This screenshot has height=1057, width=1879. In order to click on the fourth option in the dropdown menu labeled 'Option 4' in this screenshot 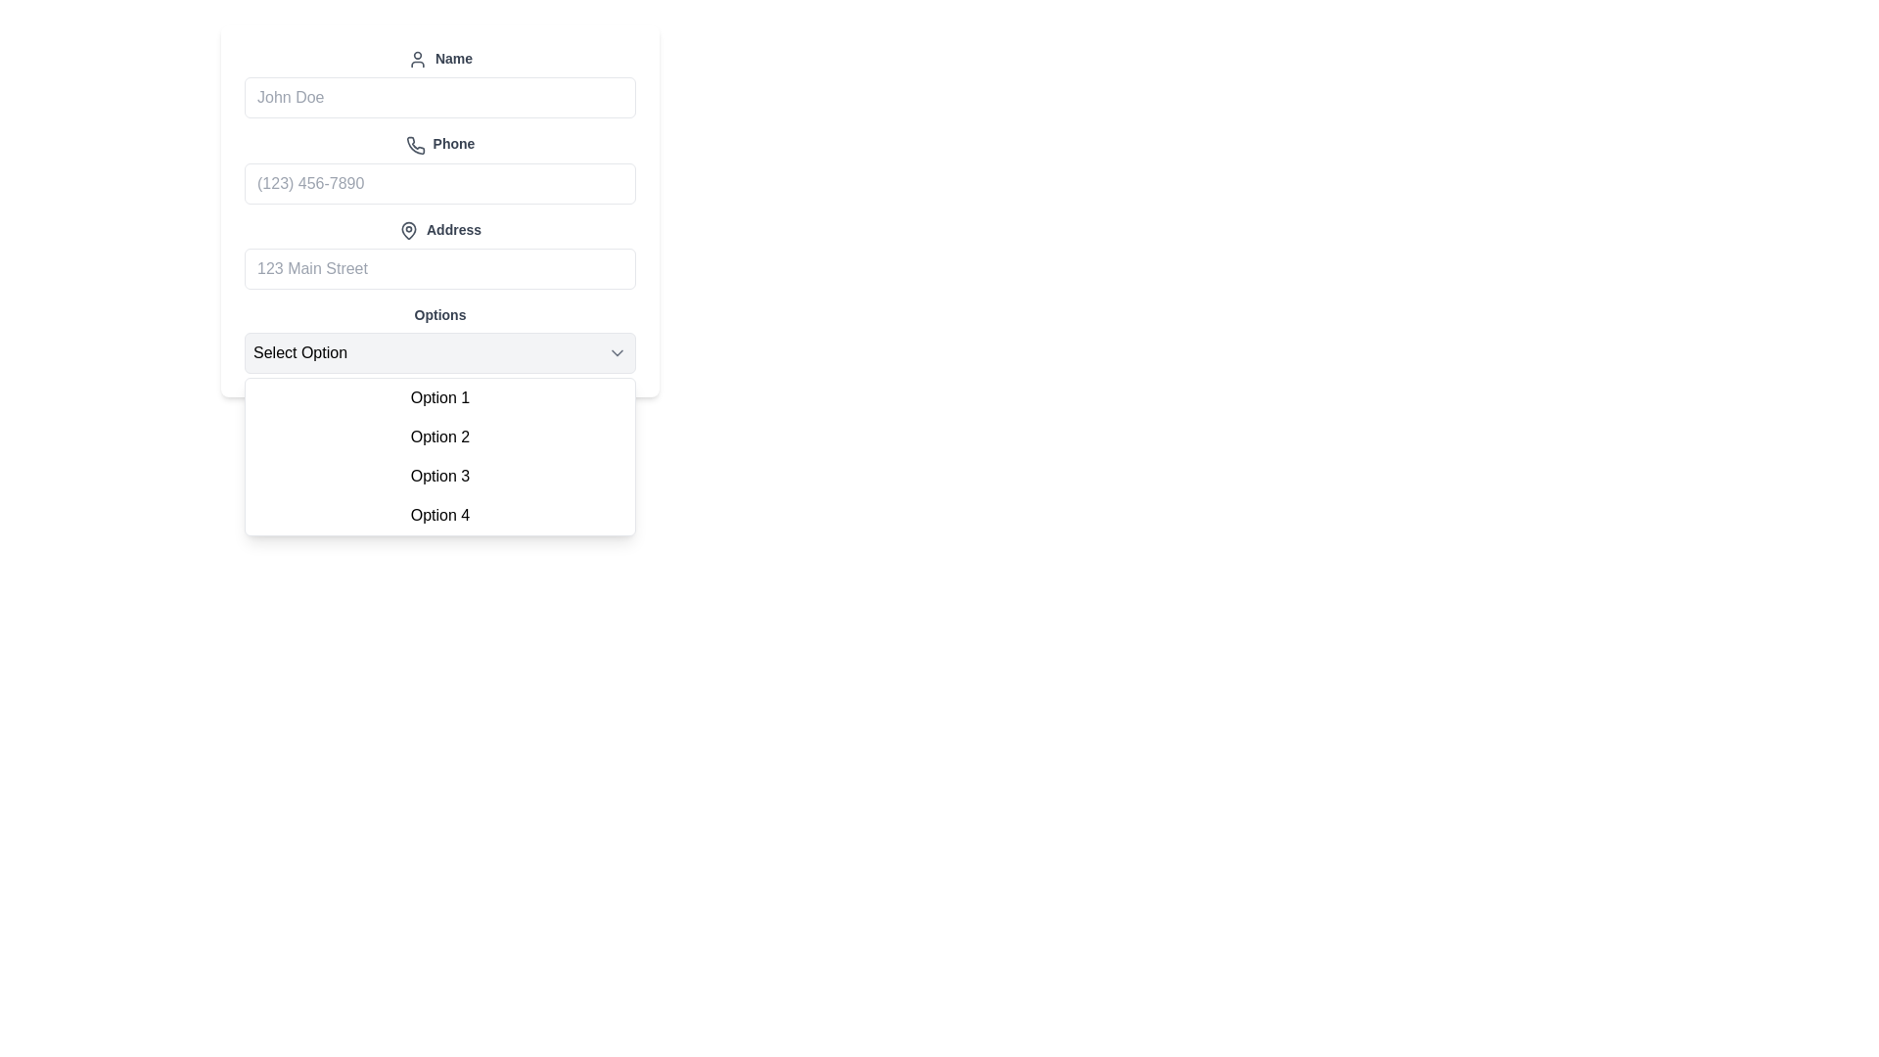, I will do `click(439, 513)`.